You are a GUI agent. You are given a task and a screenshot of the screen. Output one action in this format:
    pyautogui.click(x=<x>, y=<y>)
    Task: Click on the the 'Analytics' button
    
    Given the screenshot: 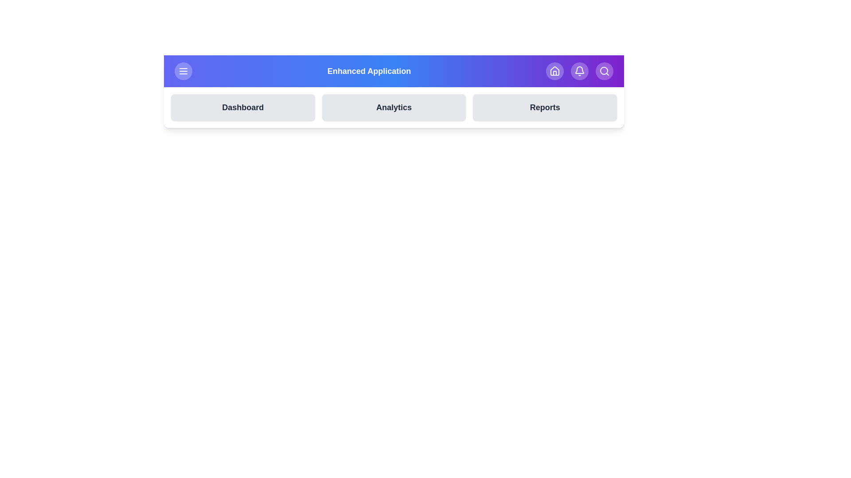 What is the action you would take?
    pyautogui.click(x=393, y=107)
    